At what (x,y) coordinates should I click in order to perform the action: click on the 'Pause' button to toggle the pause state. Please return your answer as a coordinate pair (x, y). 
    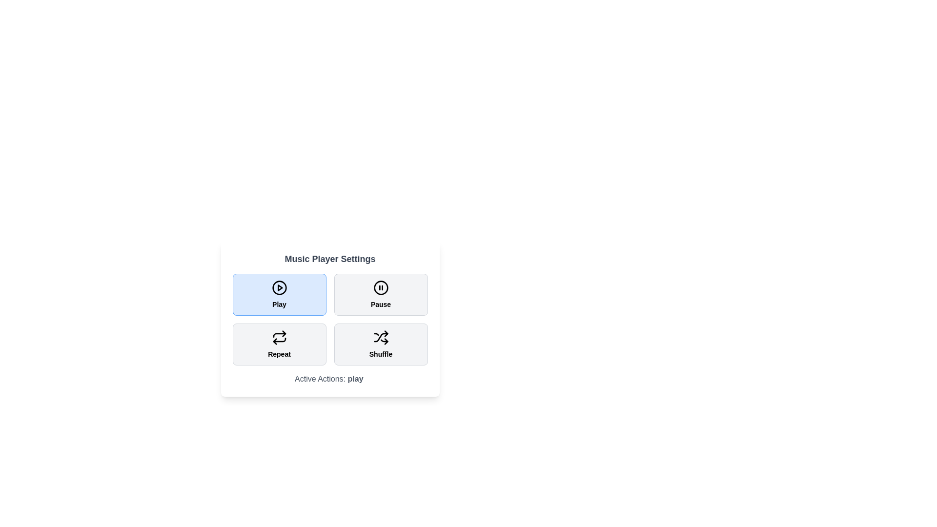
    Looking at the image, I should click on (380, 294).